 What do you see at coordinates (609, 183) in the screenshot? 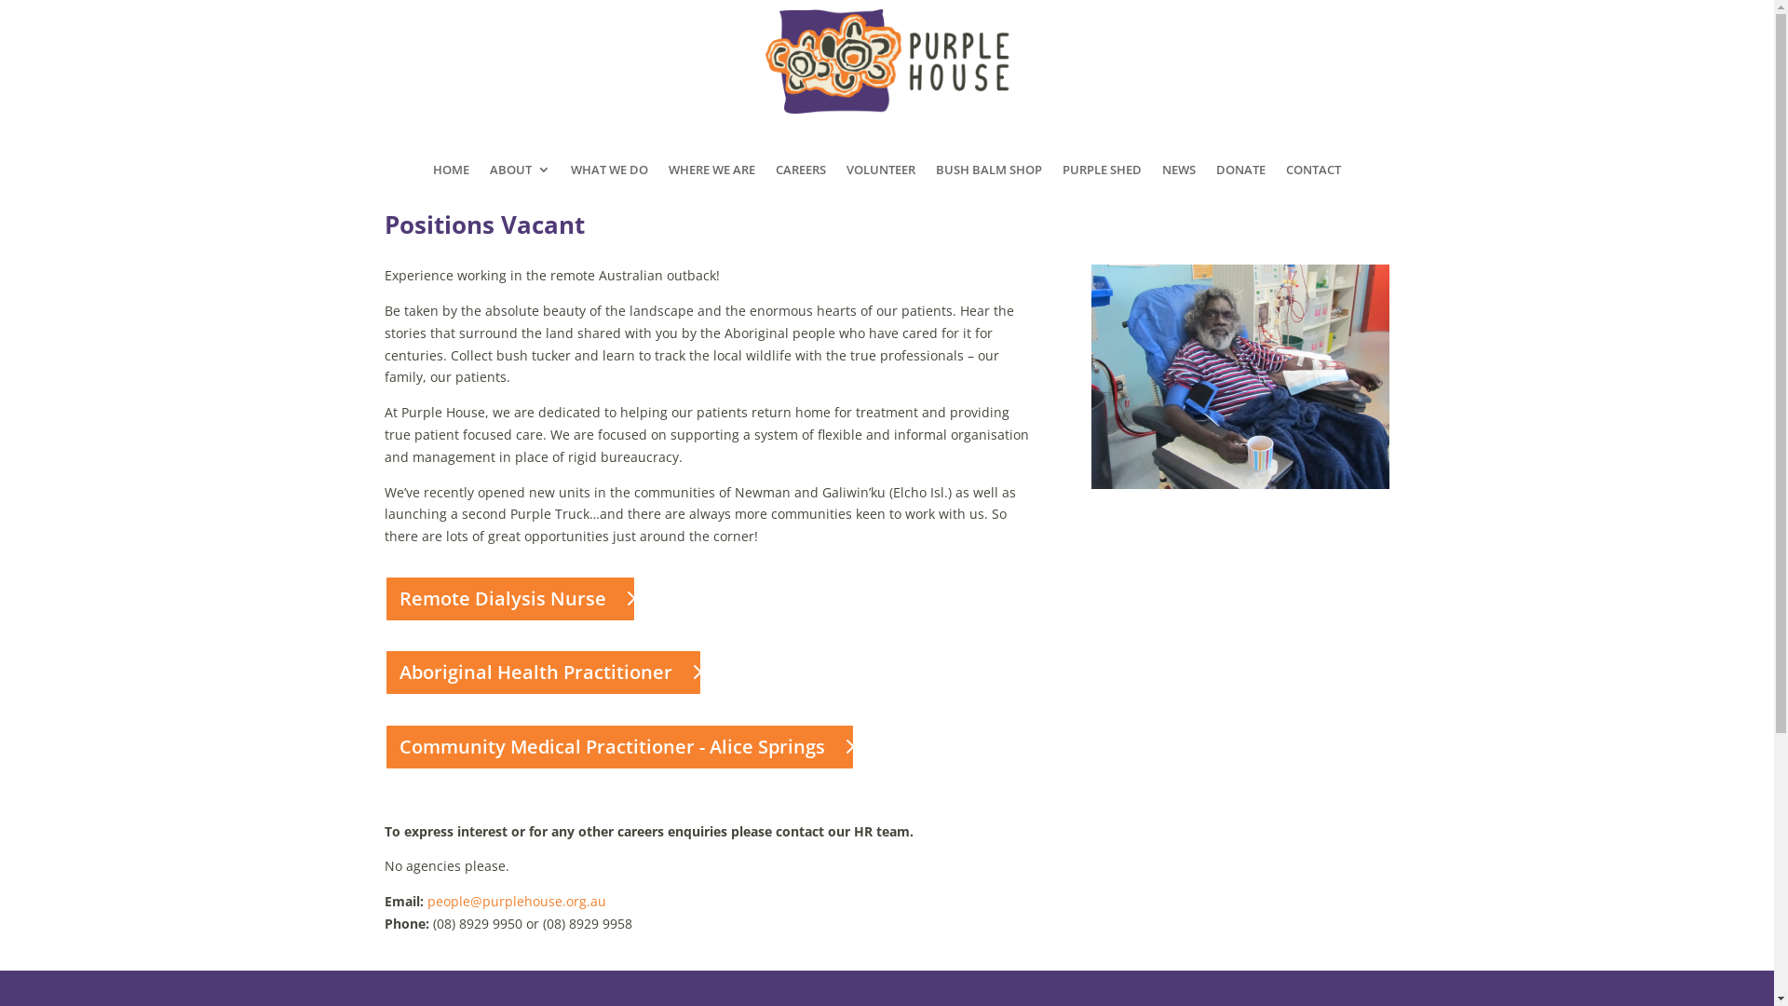
I see `'WHAT WE DO'` at bounding box center [609, 183].